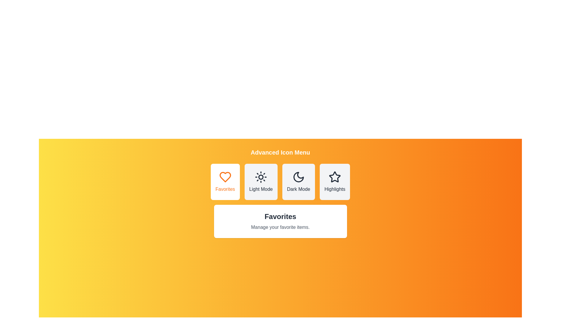  What do you see at coordinates (280, 182) in the screenshot?
I see `the 'Dark Mode' option in the toolbar located beneath the 'Advanced Icon Menu' heading to switch modes` at bounding box center [280, 182].